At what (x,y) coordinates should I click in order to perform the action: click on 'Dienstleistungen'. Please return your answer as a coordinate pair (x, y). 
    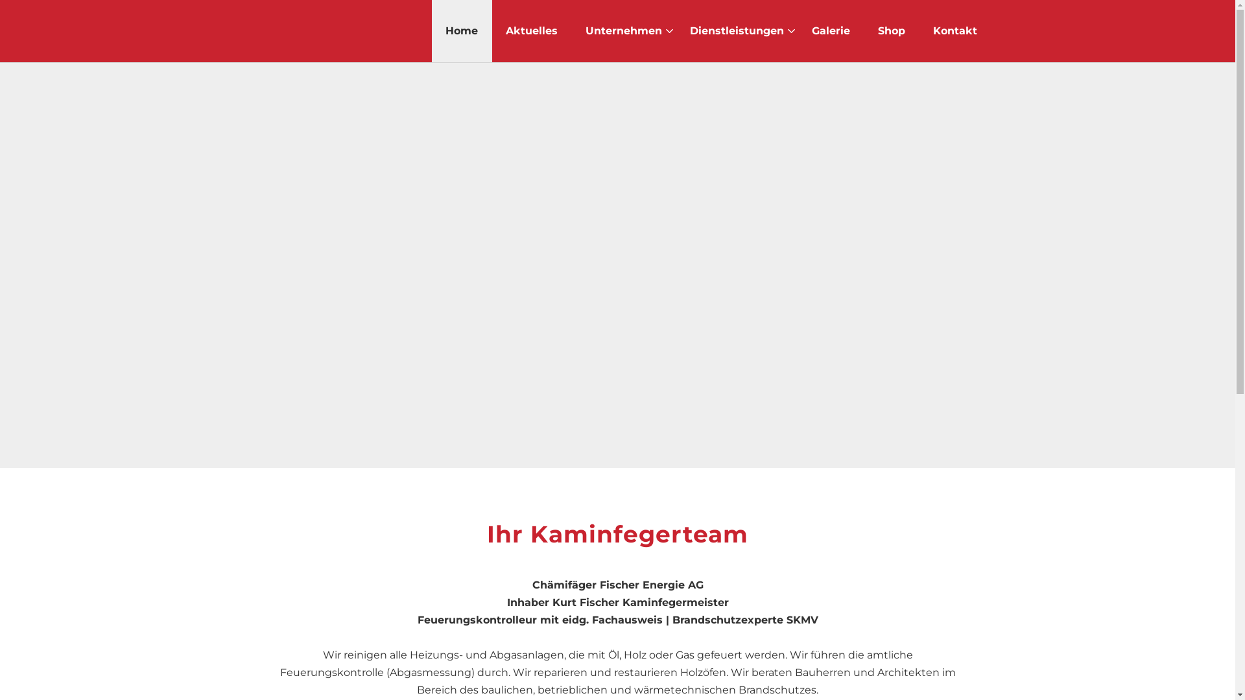
    Looking at the image, I should click on (737, 30).